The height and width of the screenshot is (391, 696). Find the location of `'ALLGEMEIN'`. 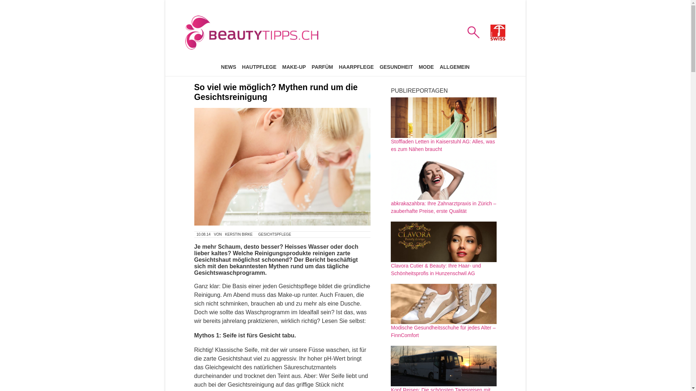

'ALLGEMEIN' is located at coordinates (454, 67).